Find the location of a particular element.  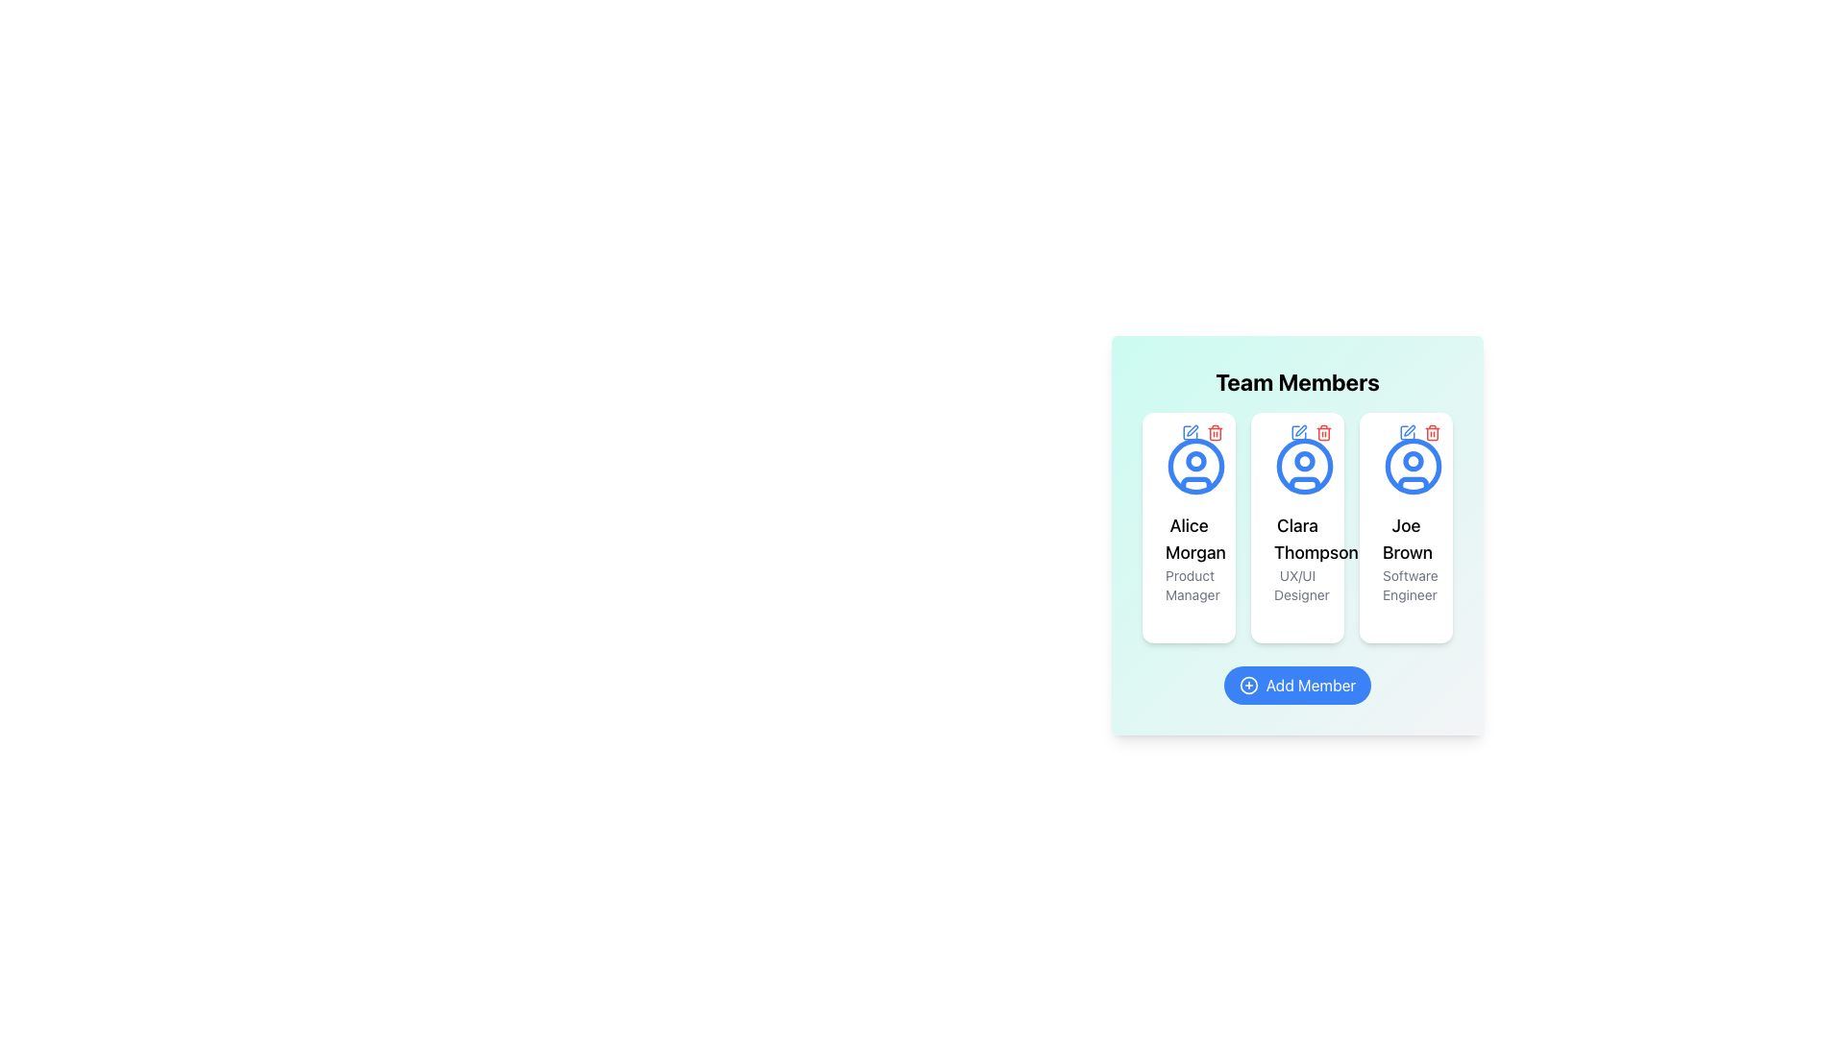

the text label displaying 'Clara Thompson', which is the second entry in the team member cards list is located at coordinates (1297, 540).